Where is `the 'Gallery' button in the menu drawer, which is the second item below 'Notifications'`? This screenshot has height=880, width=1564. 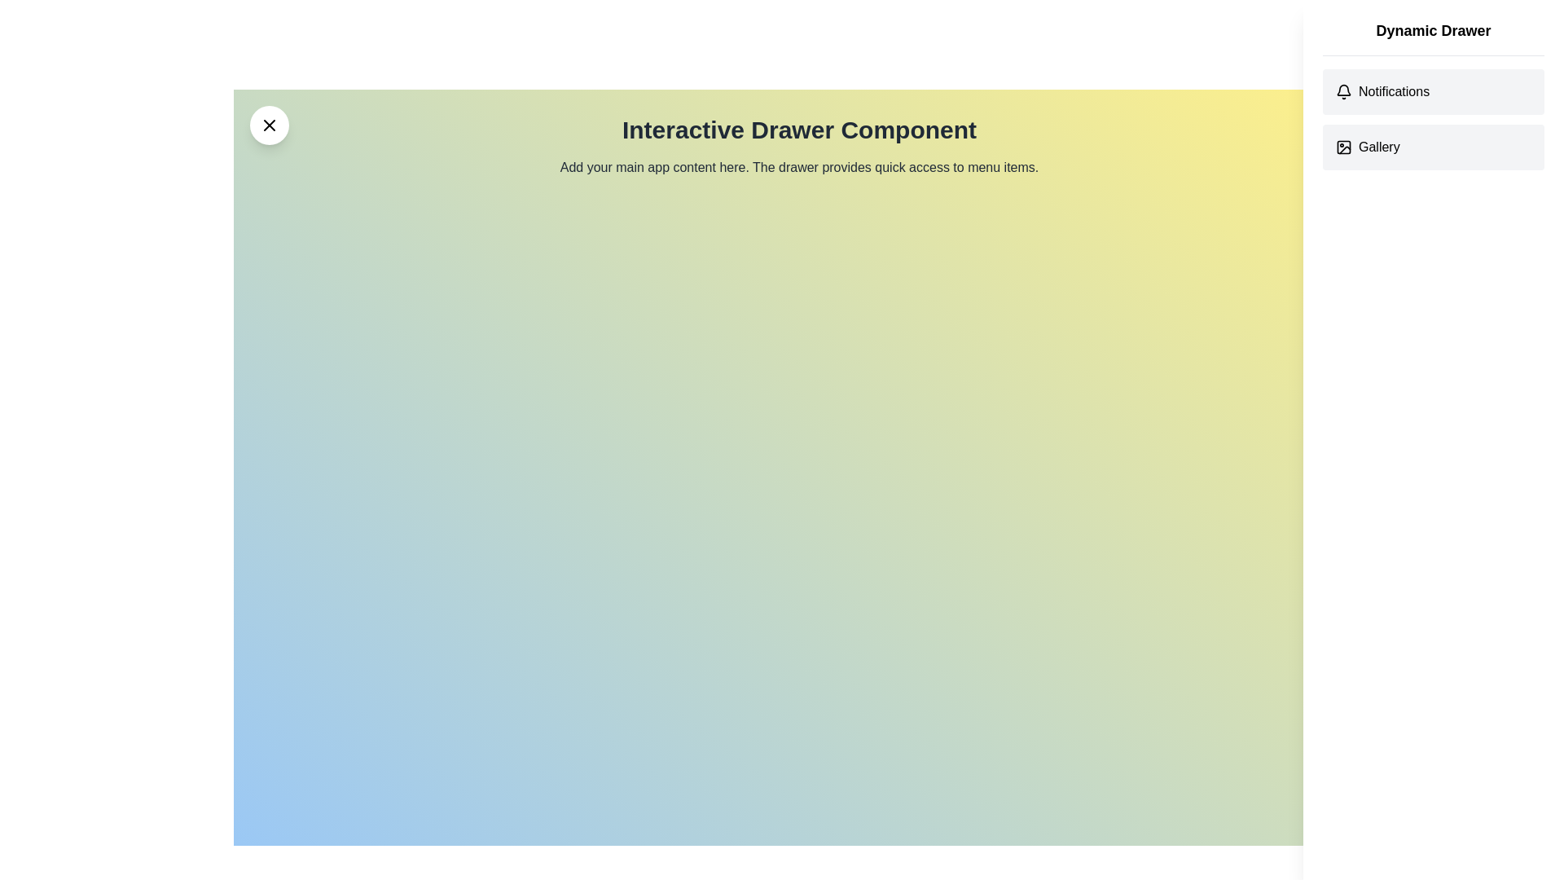
the 'Gallery' button in the menu drawer, which is the second item below 'Notifications' is located at coordinates (1434, 147).